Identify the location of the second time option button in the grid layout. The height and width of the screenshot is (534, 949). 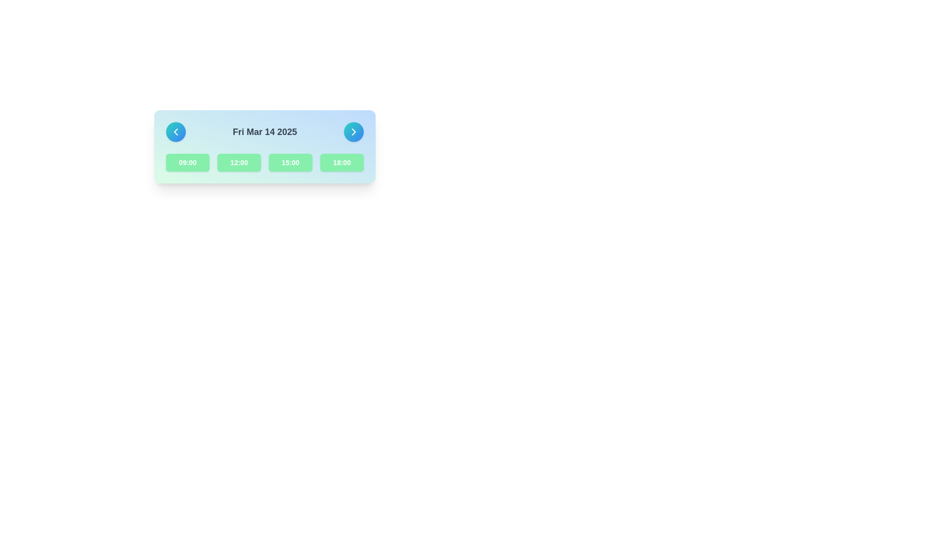
(239, 162).